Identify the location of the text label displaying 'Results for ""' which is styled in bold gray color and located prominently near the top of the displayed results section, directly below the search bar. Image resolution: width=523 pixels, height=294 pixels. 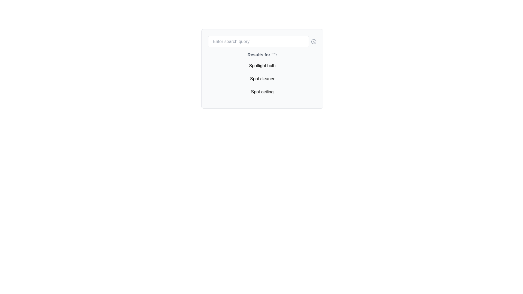
(262, 55).